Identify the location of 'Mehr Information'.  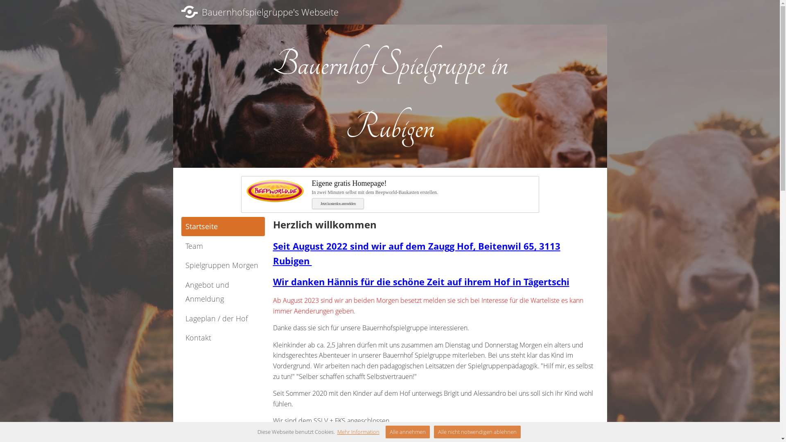
(358, 431).